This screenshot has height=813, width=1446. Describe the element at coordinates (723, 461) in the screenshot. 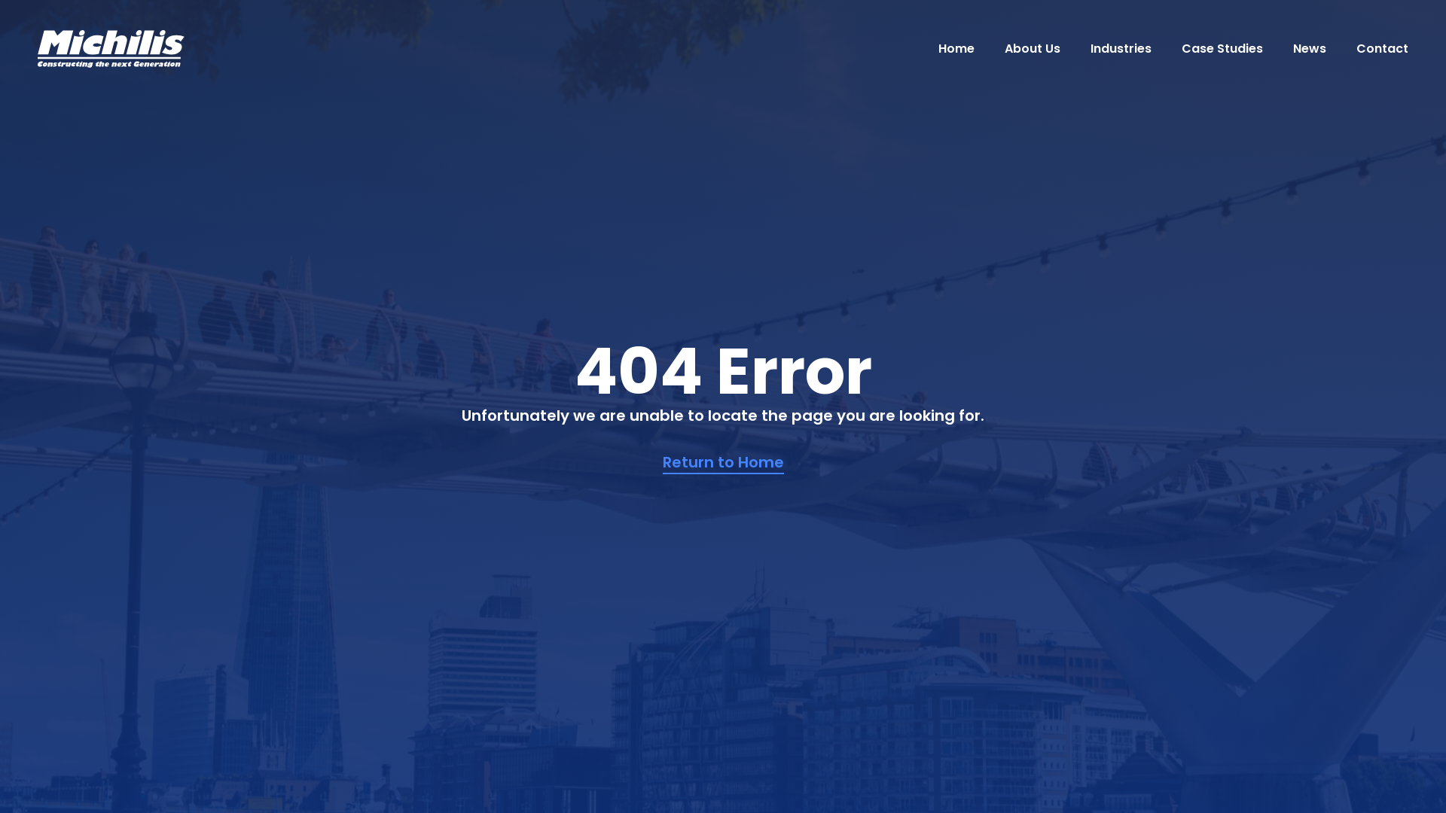

I see `'Return to Home'` at that location.